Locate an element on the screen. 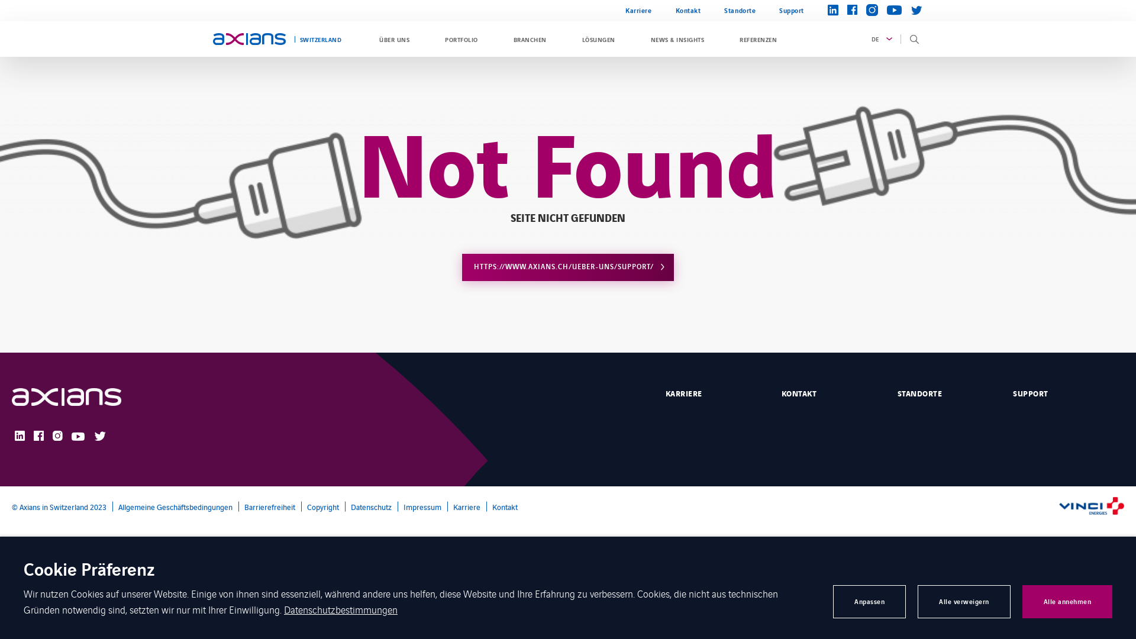  'Datenschutzbestimmungen' is located at coordinates (340, 609).